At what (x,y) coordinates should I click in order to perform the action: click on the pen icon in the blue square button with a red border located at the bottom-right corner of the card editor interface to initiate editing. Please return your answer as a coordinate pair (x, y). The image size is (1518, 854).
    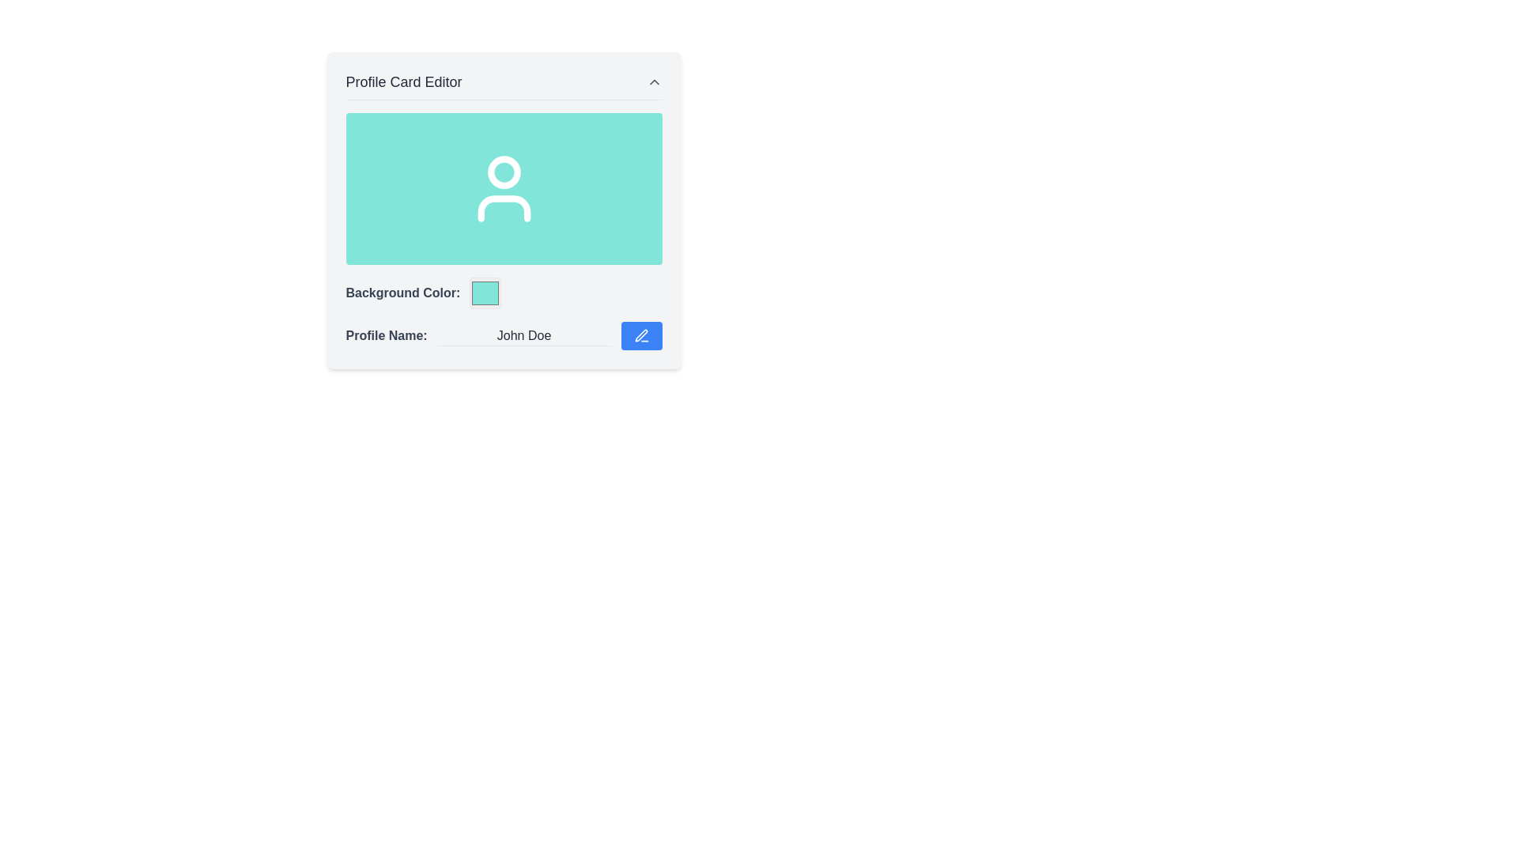
    Looking at the image, I should click on (641, 334).